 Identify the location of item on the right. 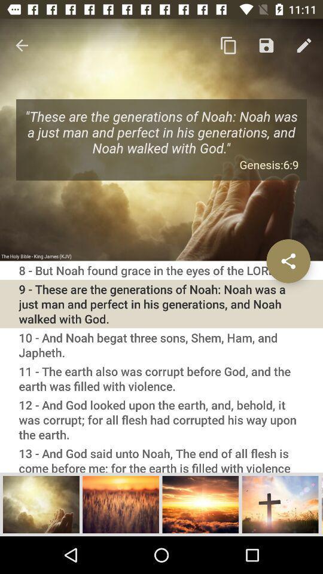
(288, 261).